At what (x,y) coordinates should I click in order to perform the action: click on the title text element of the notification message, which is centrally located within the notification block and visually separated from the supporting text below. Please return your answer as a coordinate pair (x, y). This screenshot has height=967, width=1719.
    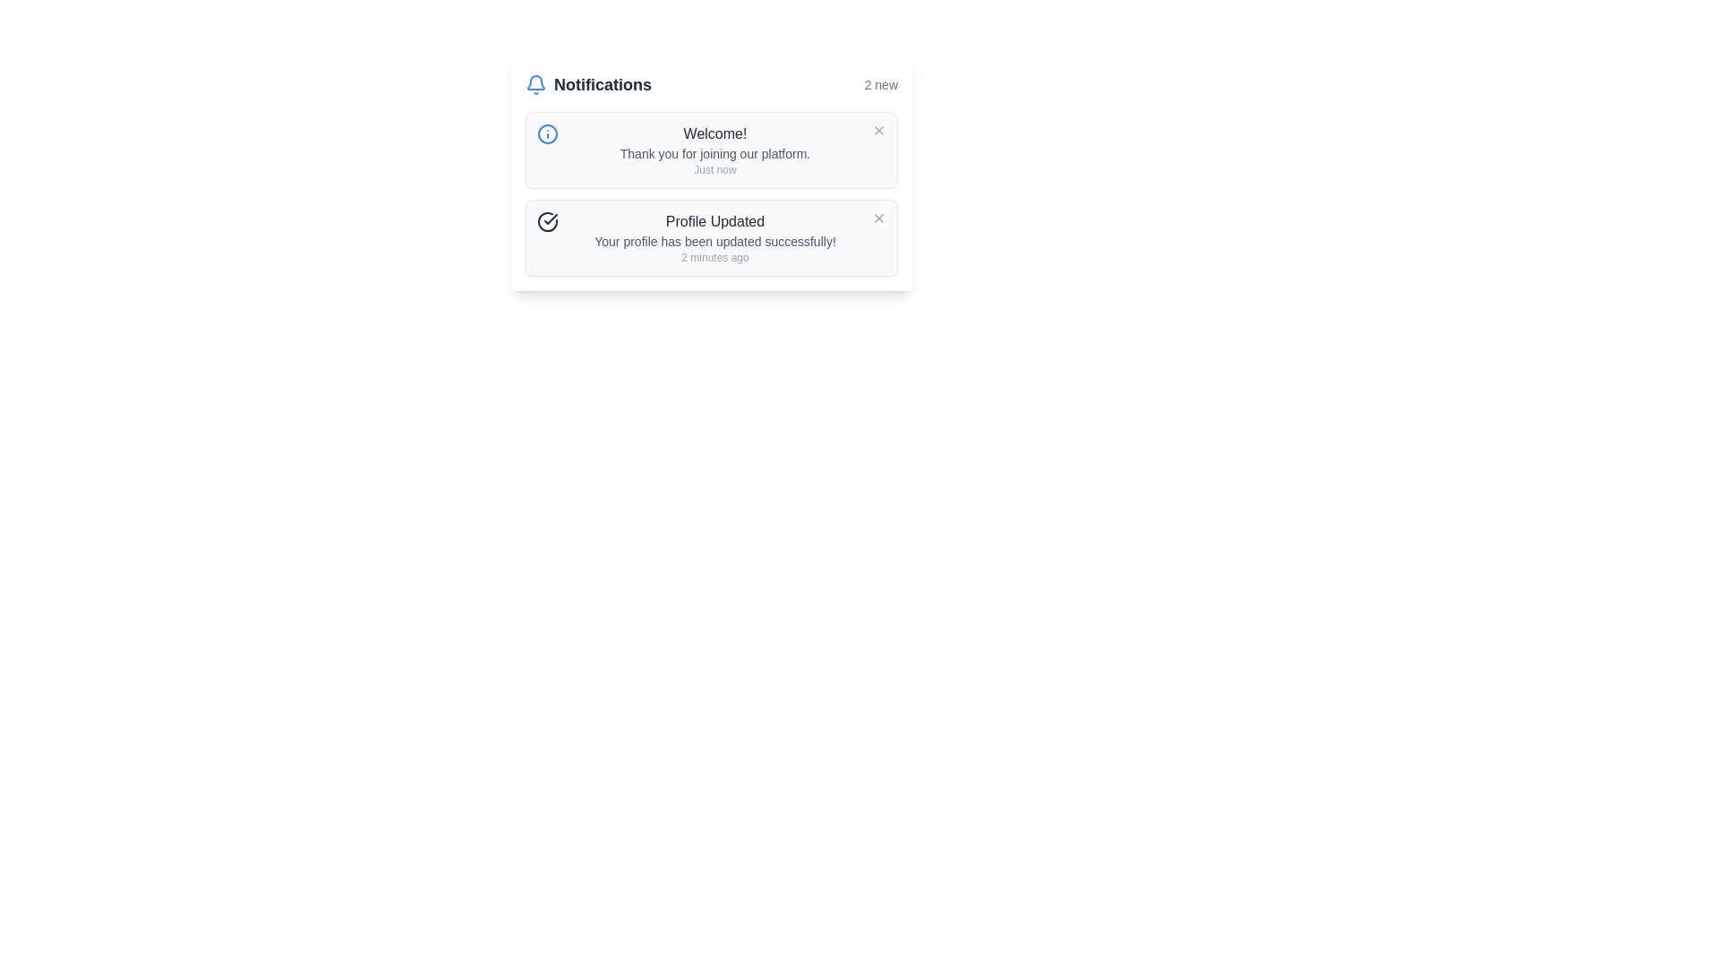
    Looking at the image, I should click on (714, 220).